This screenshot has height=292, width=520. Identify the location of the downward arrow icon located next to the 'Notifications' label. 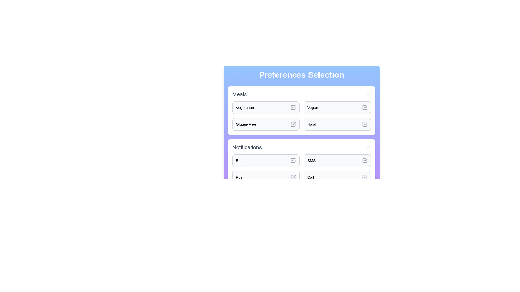
(368, 147).